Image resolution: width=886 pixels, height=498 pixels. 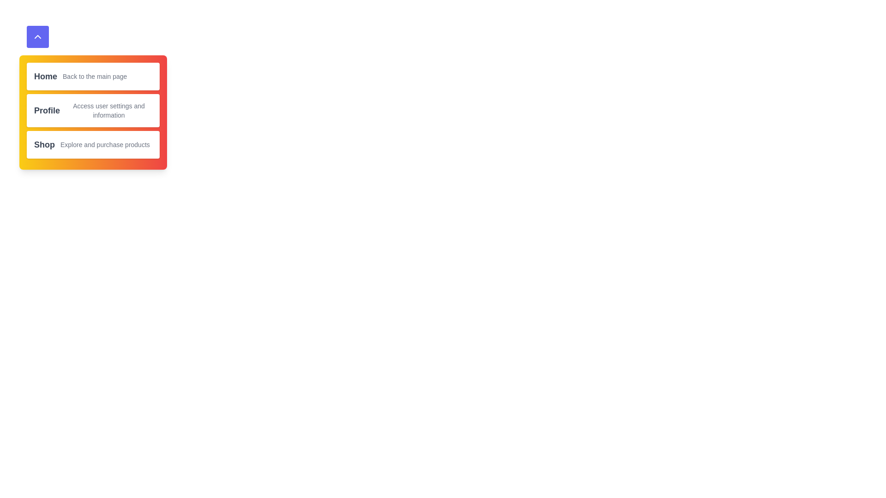 I want to click on the menu item labeled Shop, so click(x=44, y=144).